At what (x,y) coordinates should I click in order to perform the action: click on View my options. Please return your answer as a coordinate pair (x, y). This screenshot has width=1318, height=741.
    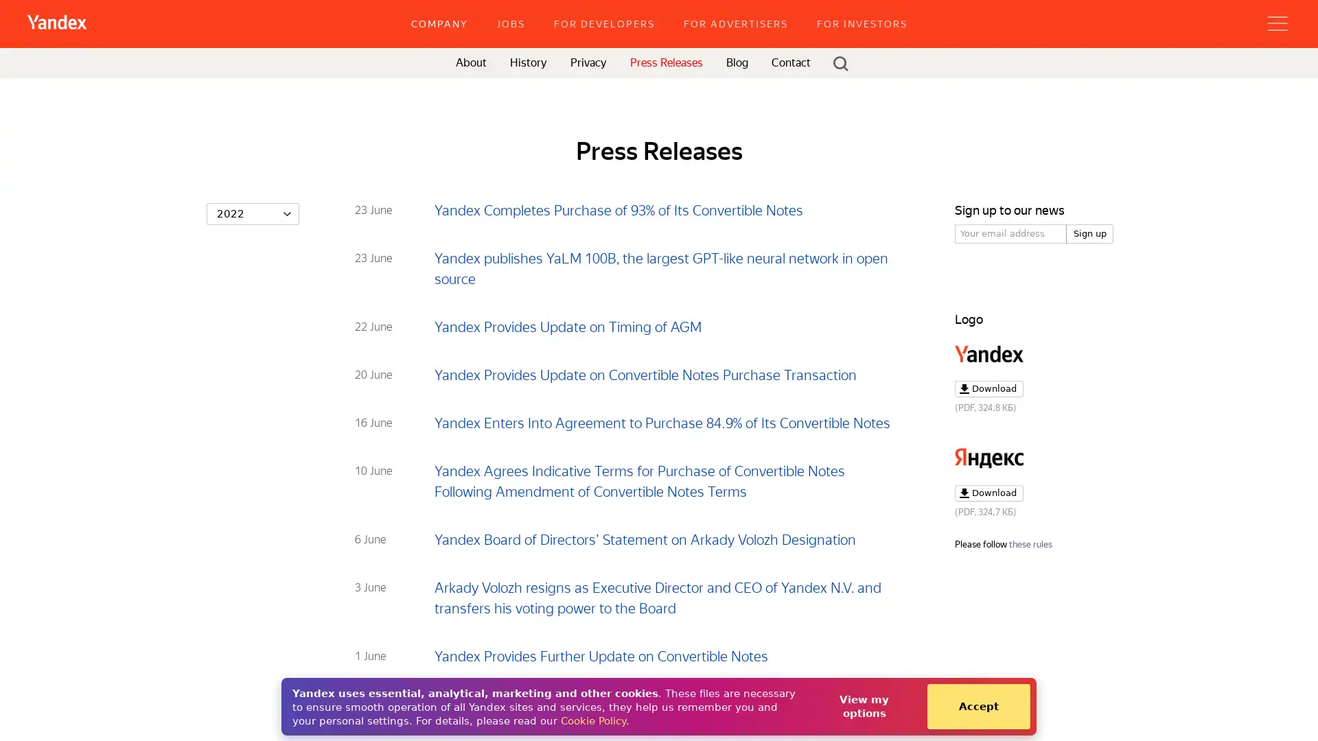
    Looking at the image, I should click on (863, 706).